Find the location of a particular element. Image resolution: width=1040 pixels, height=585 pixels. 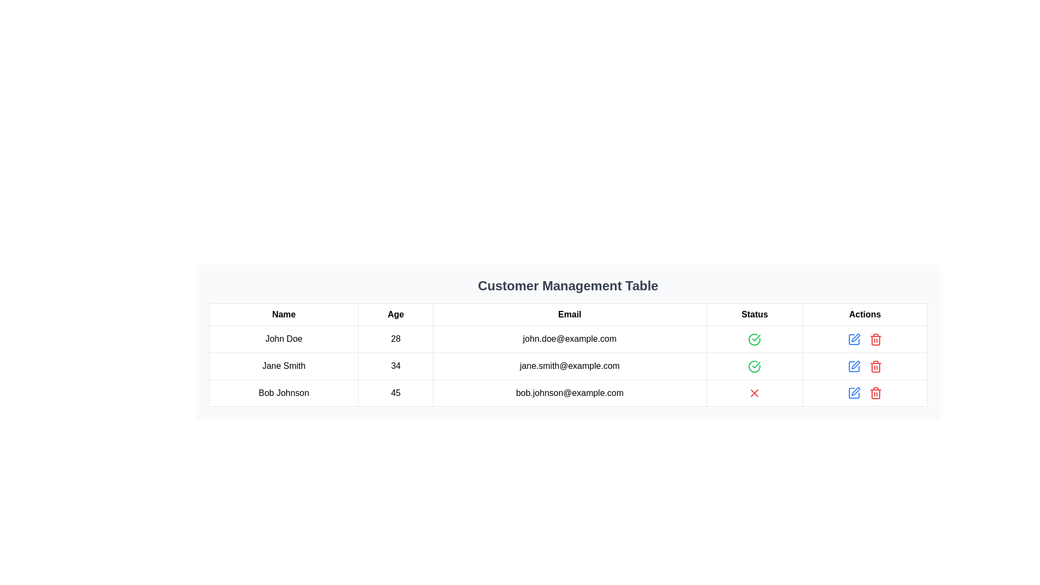

the status conveyed by the small red 'X' icon located in the third row of the table under the 'Status' column, adjacent to the email 'bob.johnson@example.com' is located at coordinates (754, 393).